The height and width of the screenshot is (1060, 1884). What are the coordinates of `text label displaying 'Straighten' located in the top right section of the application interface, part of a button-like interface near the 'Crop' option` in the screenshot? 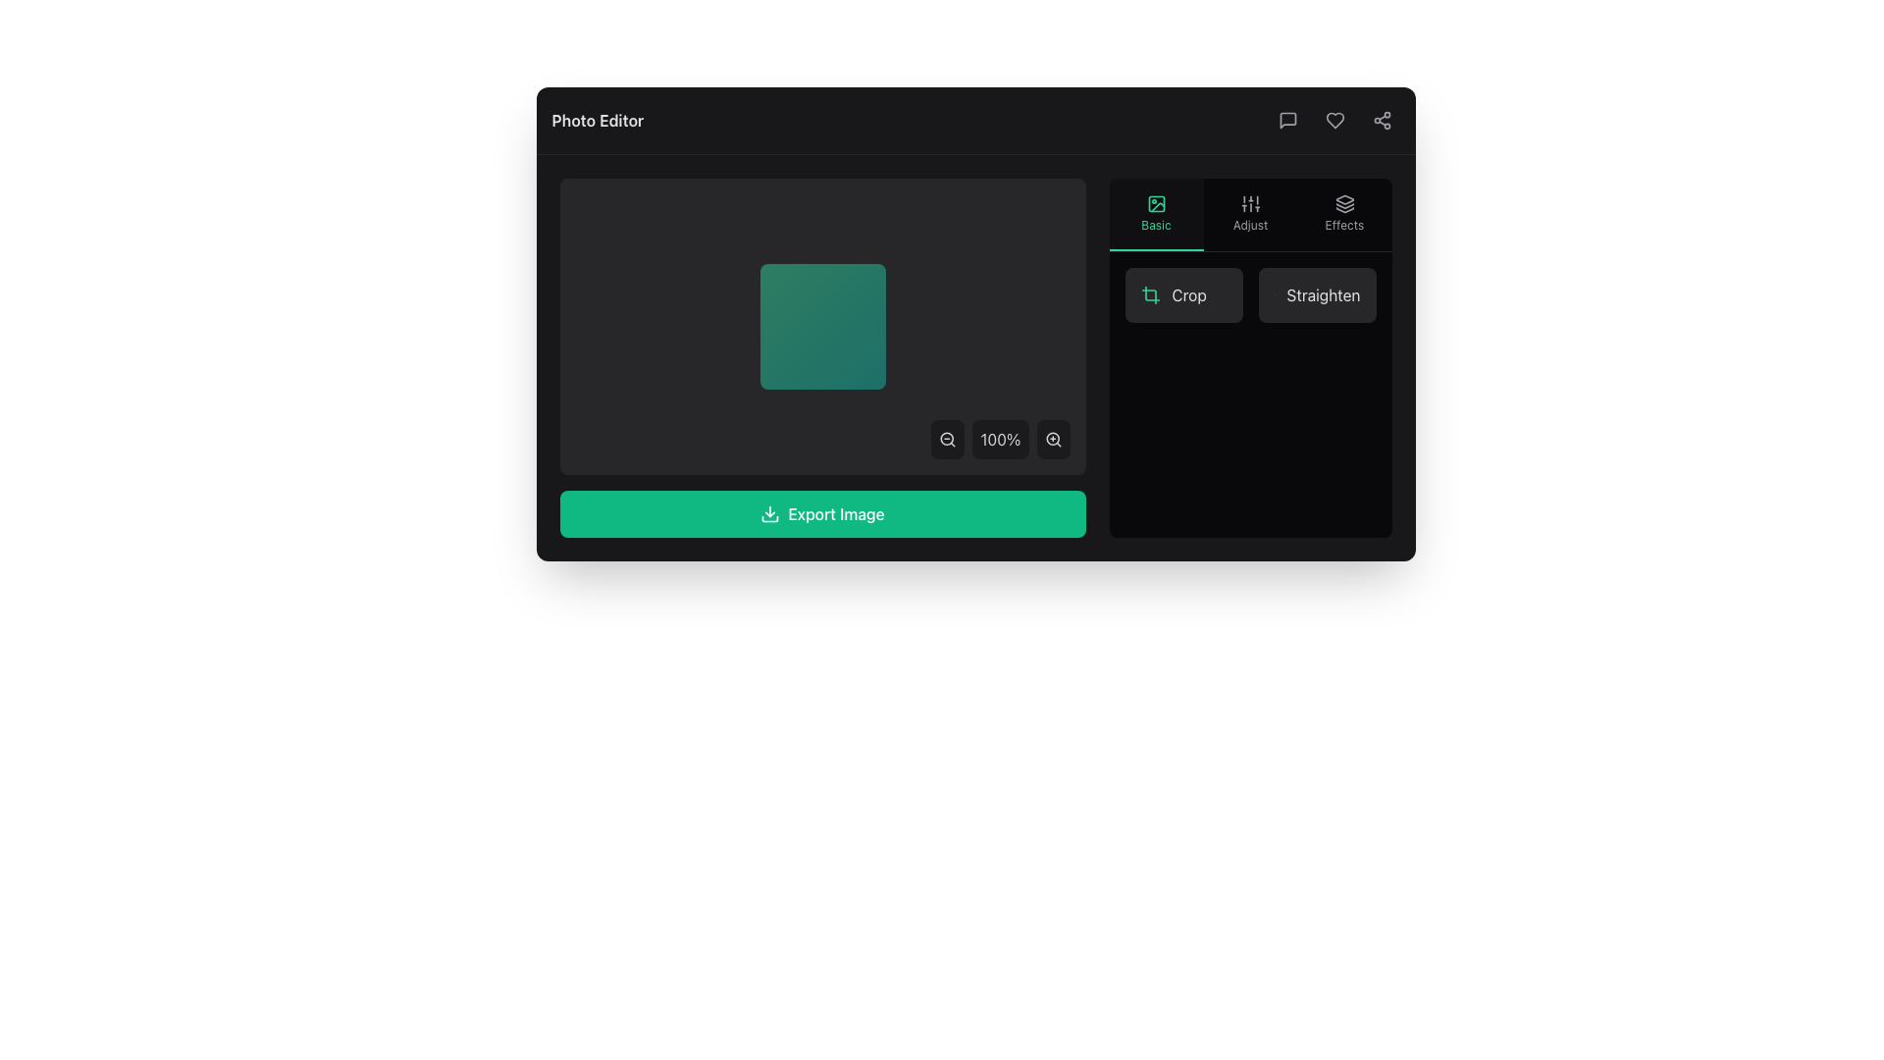 It's located at (1323, 294).